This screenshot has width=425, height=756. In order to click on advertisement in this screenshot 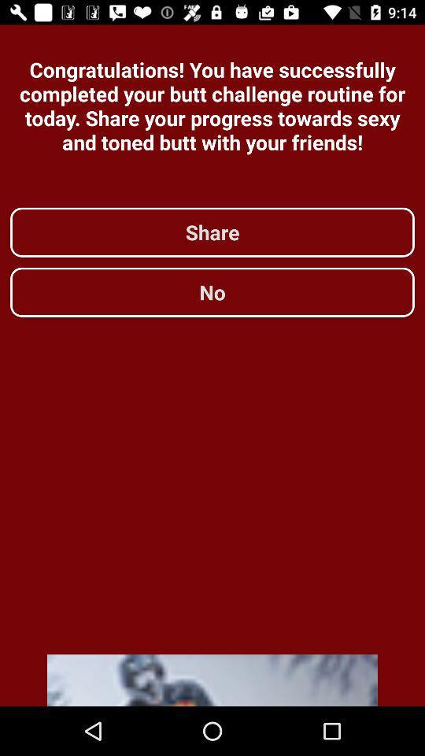, I will do `click(213, 680)`.